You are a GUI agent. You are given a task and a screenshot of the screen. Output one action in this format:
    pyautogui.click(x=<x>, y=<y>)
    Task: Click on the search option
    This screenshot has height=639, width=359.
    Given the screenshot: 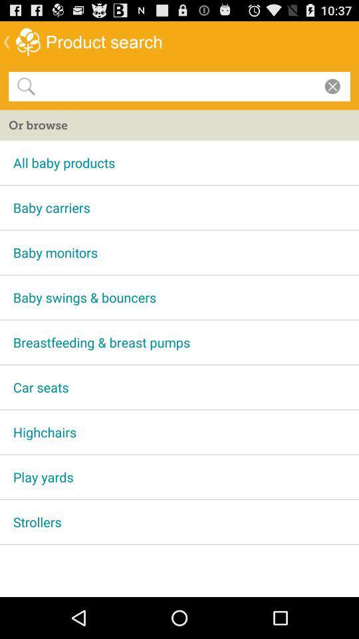 What is the action you would take?
    pyautogui.click(x=177, y=85)
    